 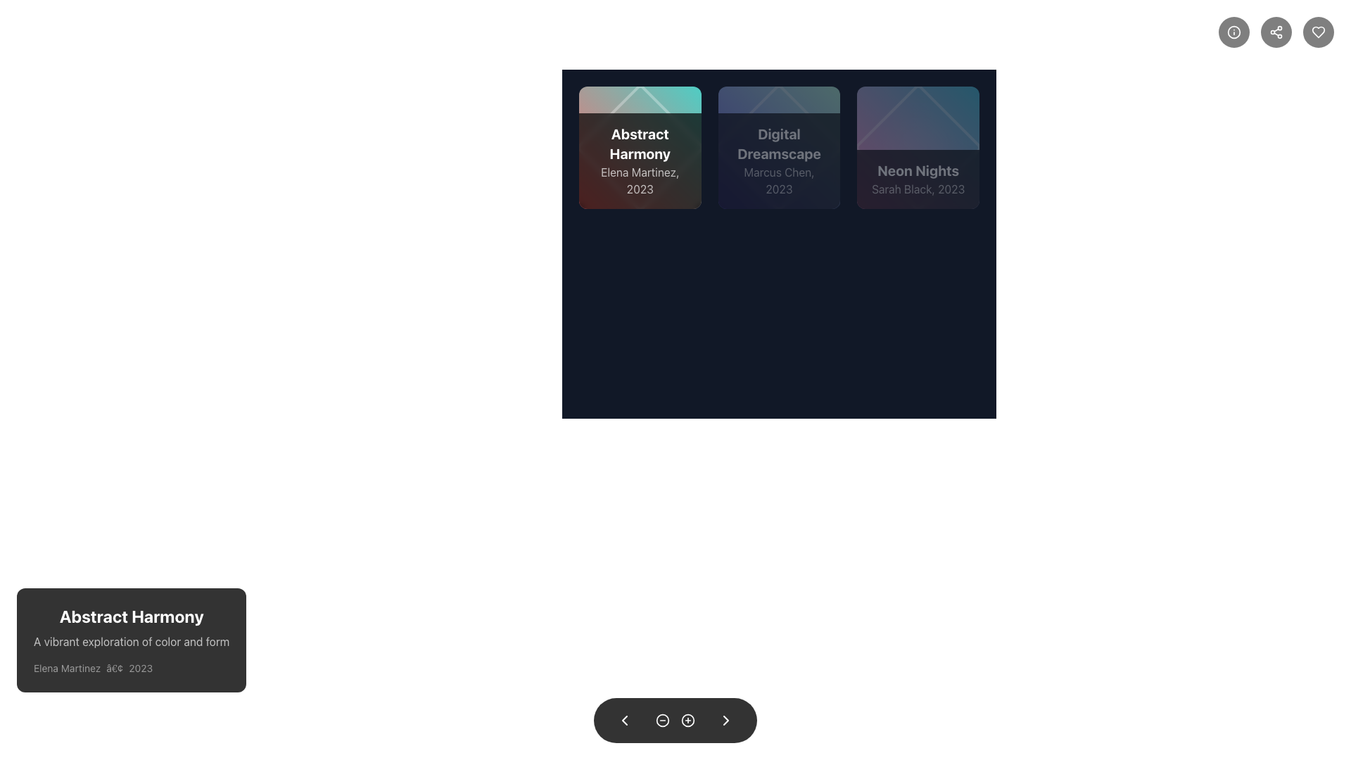 I want to click on the 'Neon Nights' text label, which features bold white text and is positioned at the bottom of a card in a dark-themed section, so click(x=918, y=178).